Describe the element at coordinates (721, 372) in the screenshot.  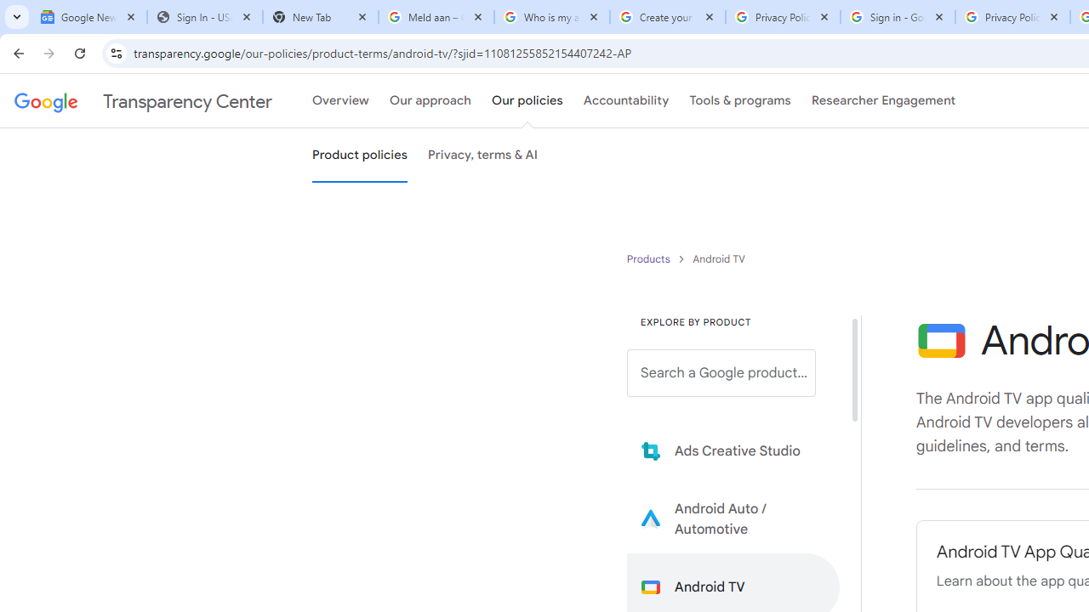
I see `'Search a Google product from below list.'` at that location.